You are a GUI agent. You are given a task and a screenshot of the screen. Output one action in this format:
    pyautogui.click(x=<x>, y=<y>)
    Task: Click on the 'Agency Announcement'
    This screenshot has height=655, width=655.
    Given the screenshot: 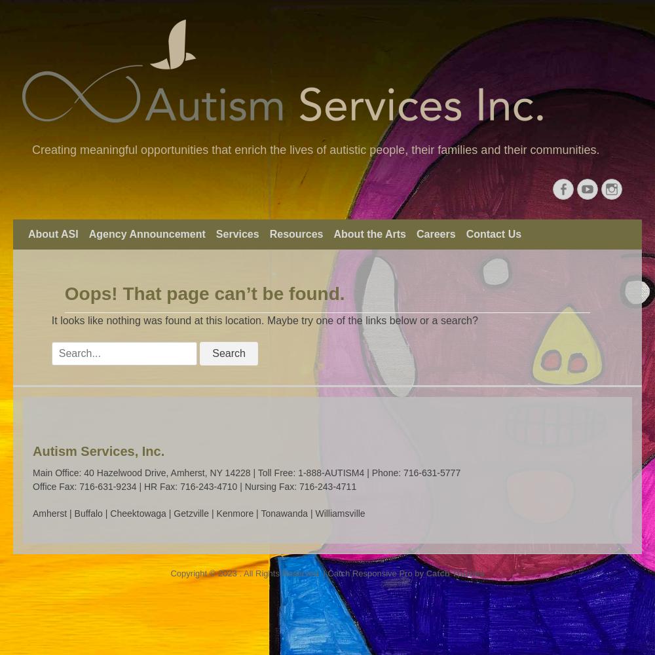 What is the action you would take?
    pyautogui.click(x=146, y=233)
    